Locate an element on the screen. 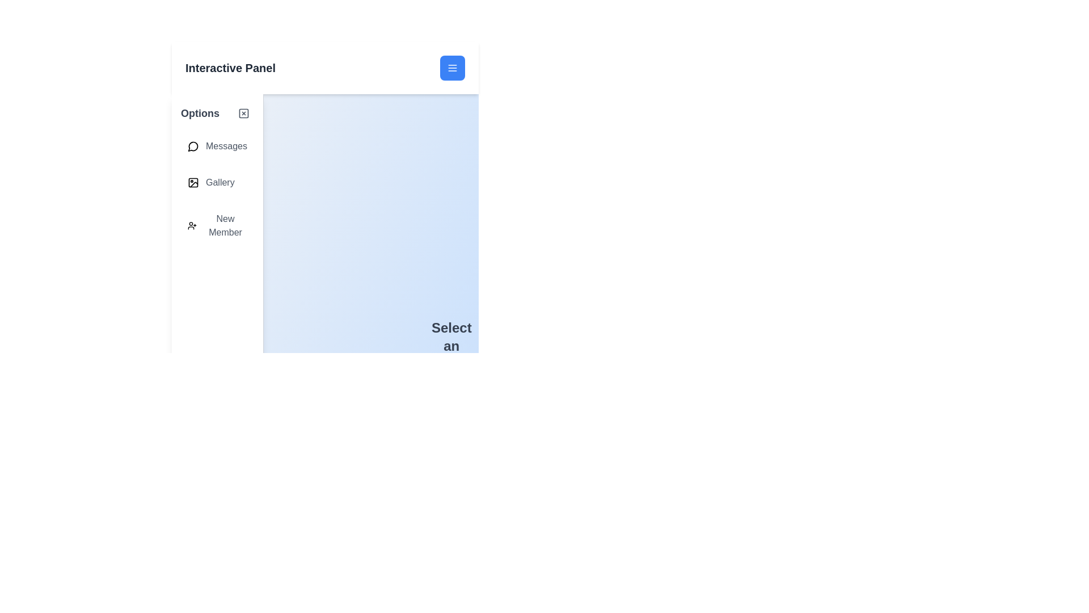 The height and width of the screenshot is (613, 1089). the 'Gallery' text label in the sidebar menu is located at coordinates (220, 182).